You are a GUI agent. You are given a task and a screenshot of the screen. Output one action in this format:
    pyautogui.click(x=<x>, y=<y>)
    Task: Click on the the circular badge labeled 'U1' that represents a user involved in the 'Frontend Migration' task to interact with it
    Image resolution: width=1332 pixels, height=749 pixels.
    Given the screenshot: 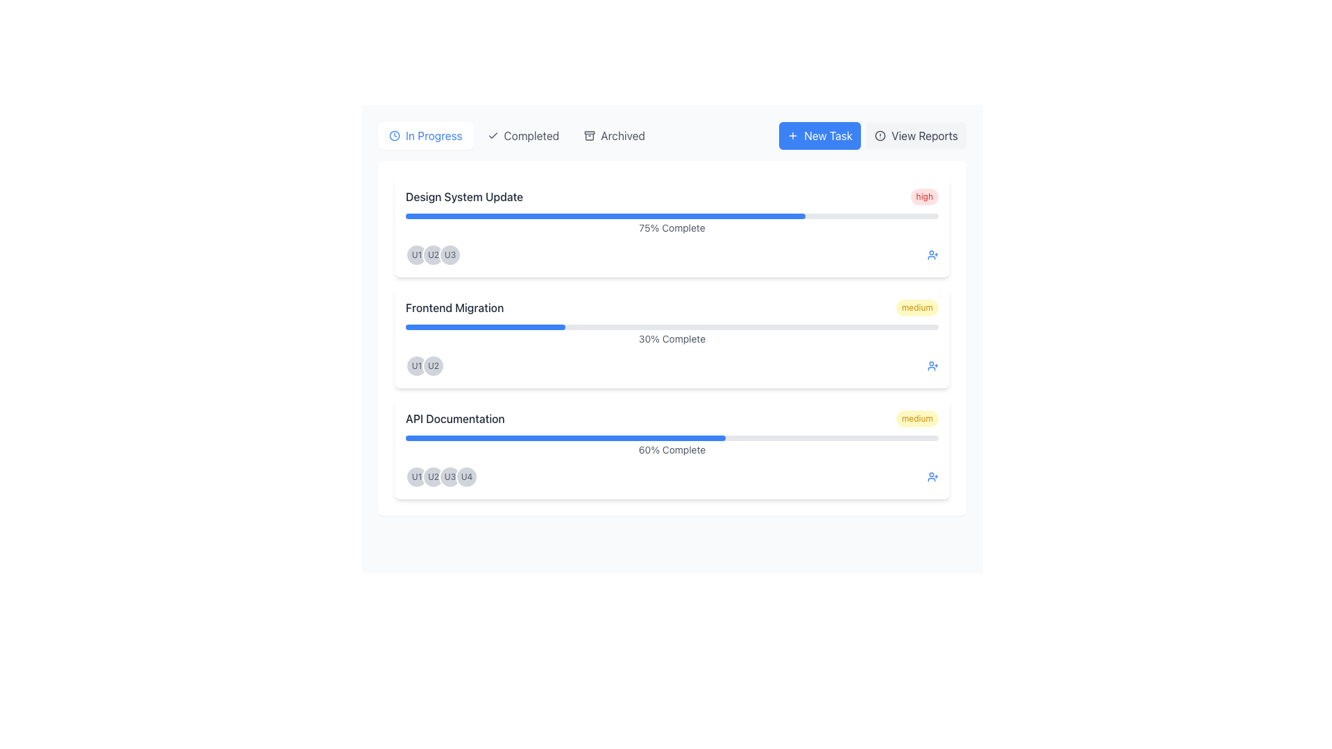 What is the action you would take?
    pyautogui.click(x=416, y=365)
    